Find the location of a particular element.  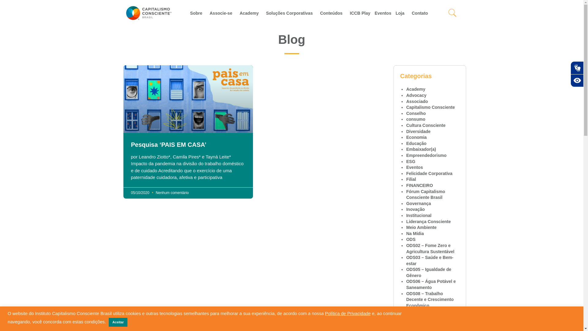

'ESG' is located at coordinates (410, 161).